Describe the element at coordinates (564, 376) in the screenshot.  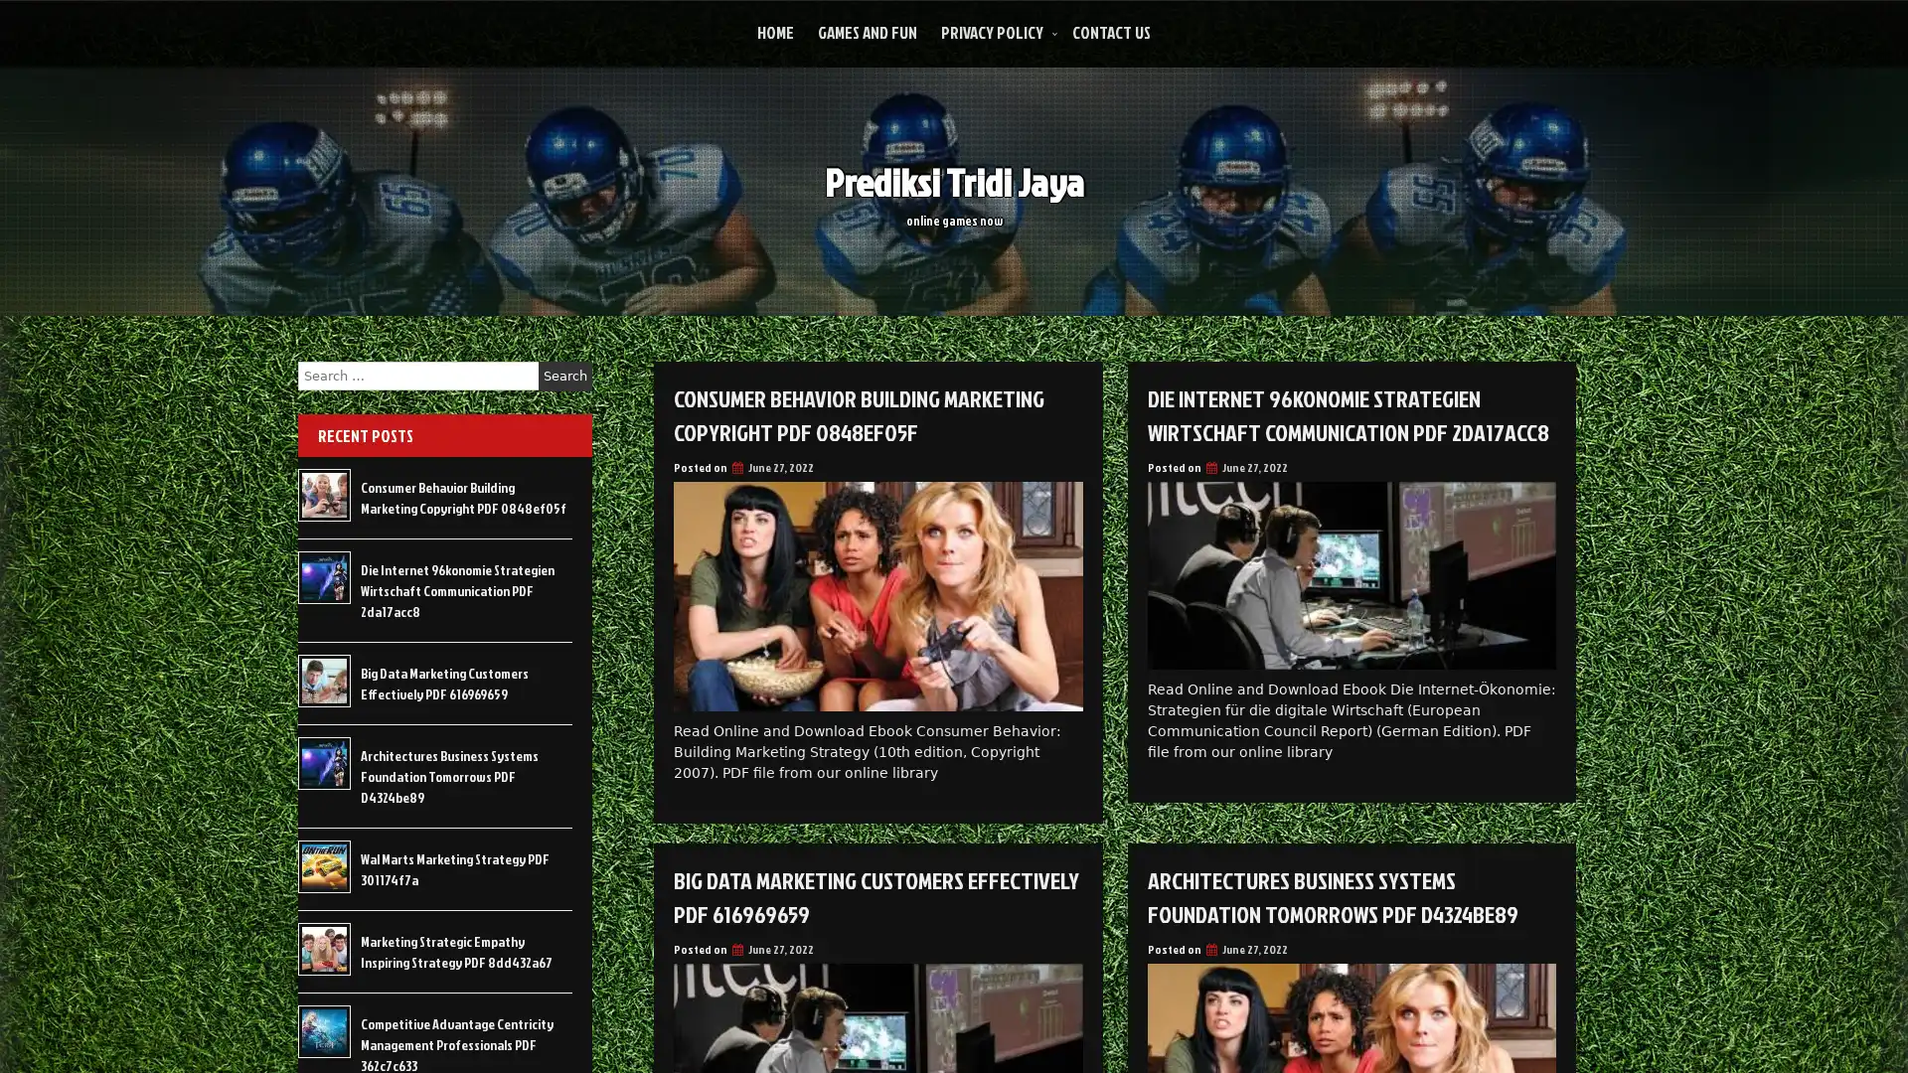
I see `Search` at that location.